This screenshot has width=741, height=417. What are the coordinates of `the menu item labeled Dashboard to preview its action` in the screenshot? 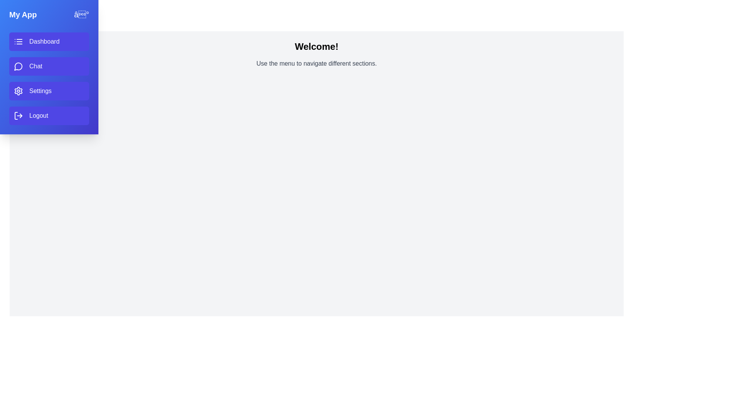 It's located at (49, 42).